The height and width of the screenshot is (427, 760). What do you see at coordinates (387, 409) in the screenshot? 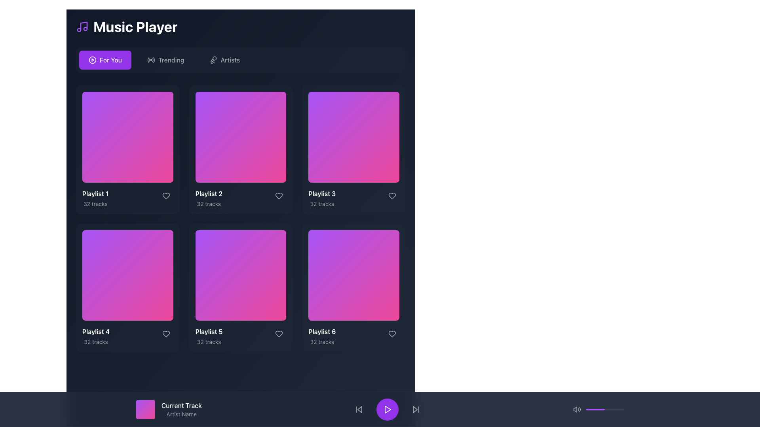
I see `the prominent circular button with a purple background and a white play icon in the center` at bounding box center [387, 409].